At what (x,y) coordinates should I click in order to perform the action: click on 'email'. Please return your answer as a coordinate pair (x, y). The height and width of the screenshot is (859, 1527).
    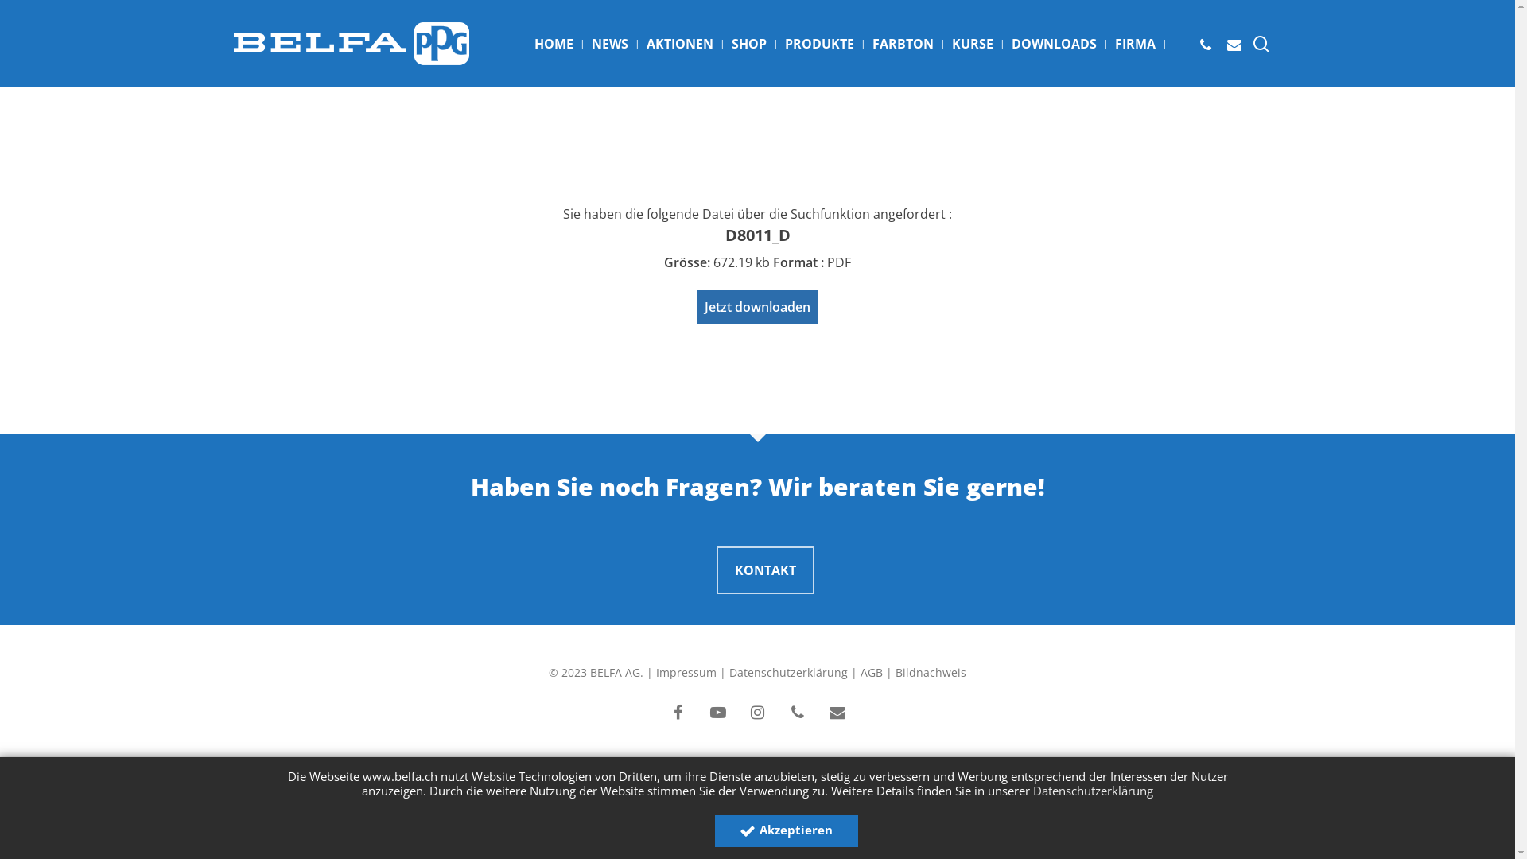
    Looking at the image, I should click on (836, 713).